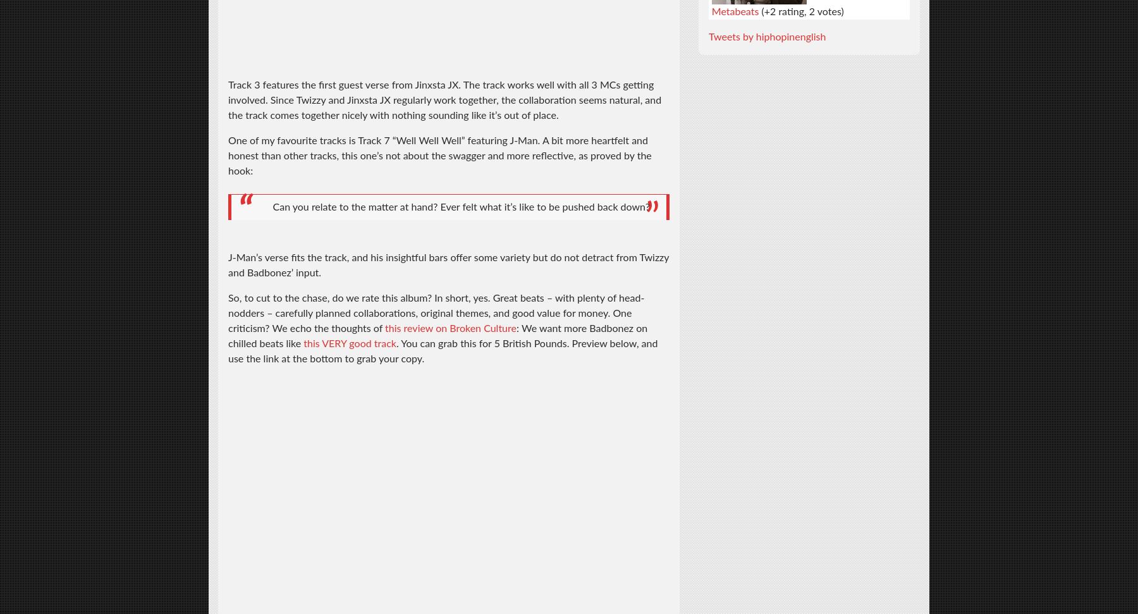  What do you see at coordinates (709, 35) in the screenshot?
I see `'Tweets by hiphopinenglish'` at bounding box center [709, 35].